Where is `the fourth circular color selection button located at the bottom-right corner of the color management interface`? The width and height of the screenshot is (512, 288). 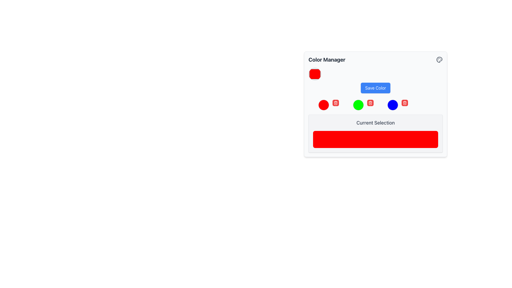
the fourth circular color selection button located at the bottom-right corner of the color management interface is located at coordinates (393, 105).